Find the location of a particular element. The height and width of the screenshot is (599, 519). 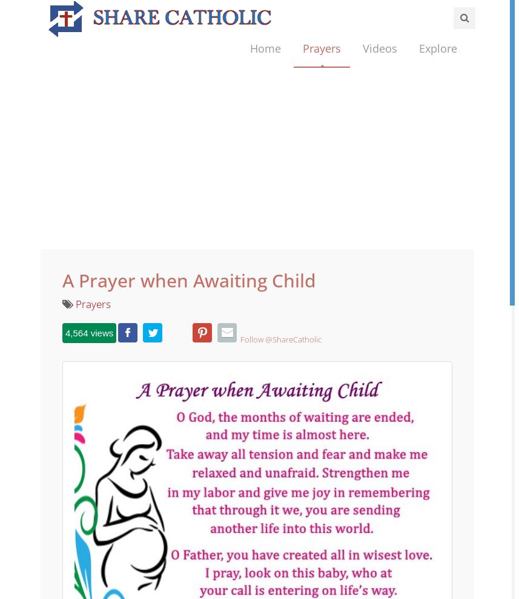

'4,564 views' is located at coordinates (88, 365).